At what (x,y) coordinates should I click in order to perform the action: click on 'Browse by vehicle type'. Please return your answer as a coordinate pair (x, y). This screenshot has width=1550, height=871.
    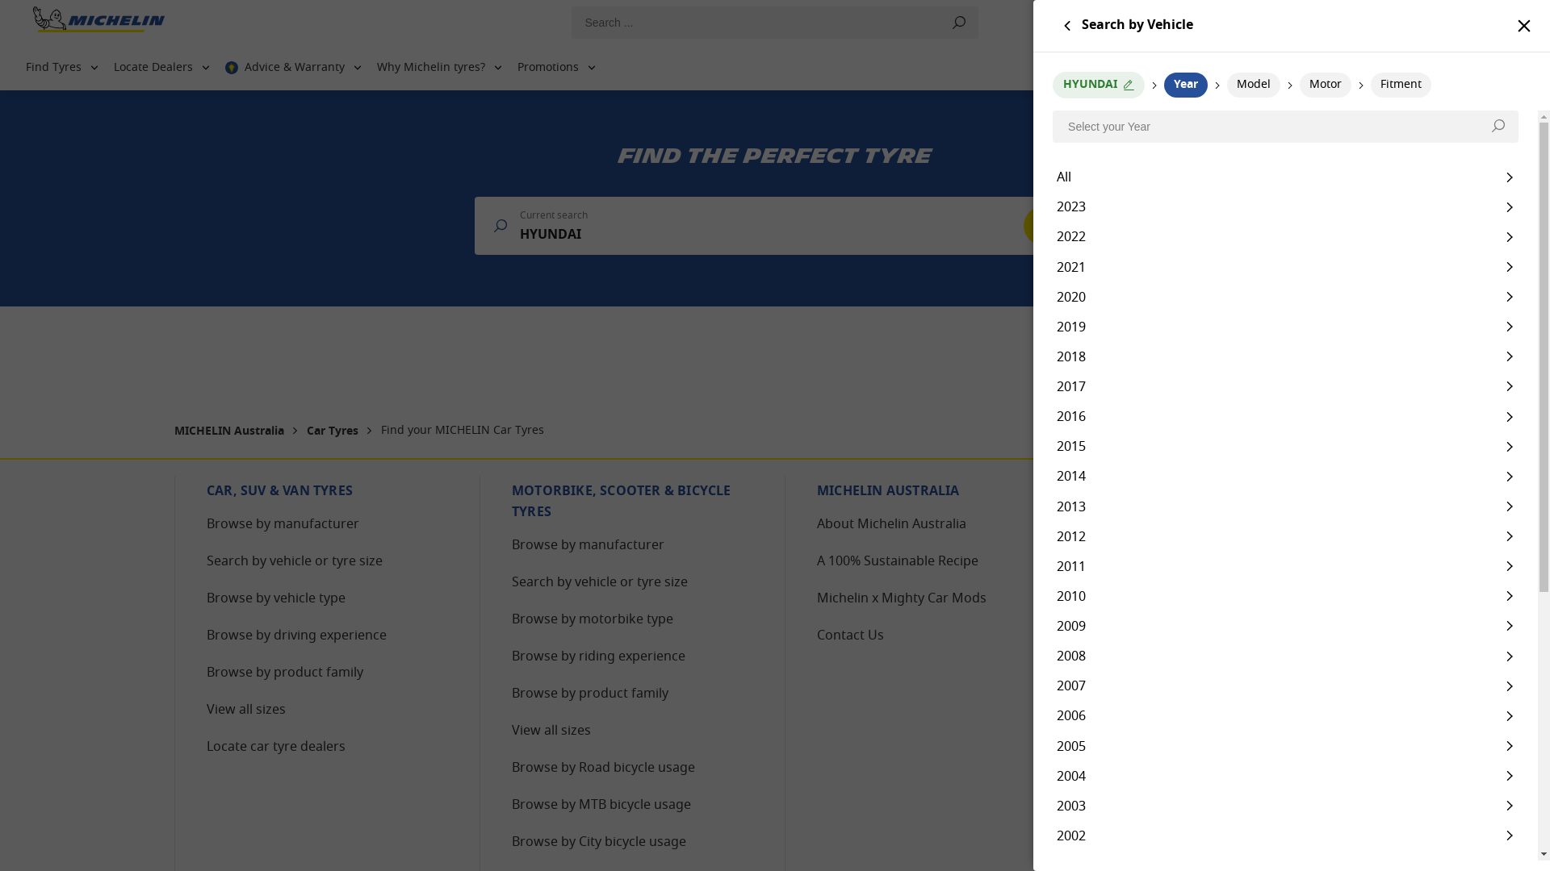
    Looking at the image, I should click on (275, 599).